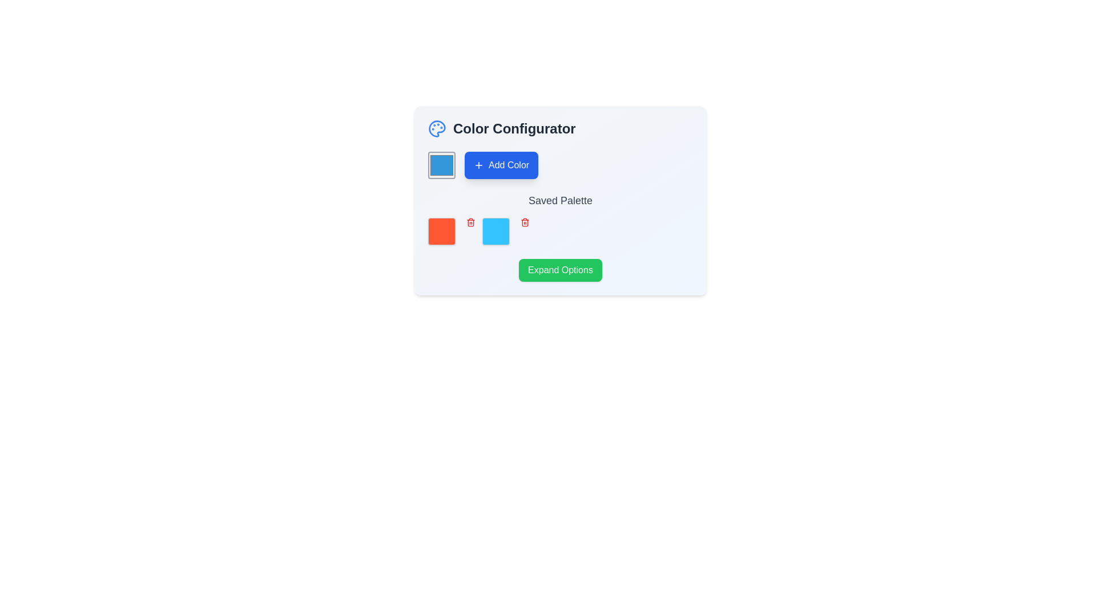 The width and height of the screenshot is (1096, 616). I want to click on the text label that serves as a heading for the saved color palettes section in the 'Color Configurator' interface, located at the center of the section between the 'Add Color' button and the group of colored icons, so click(561, 200).